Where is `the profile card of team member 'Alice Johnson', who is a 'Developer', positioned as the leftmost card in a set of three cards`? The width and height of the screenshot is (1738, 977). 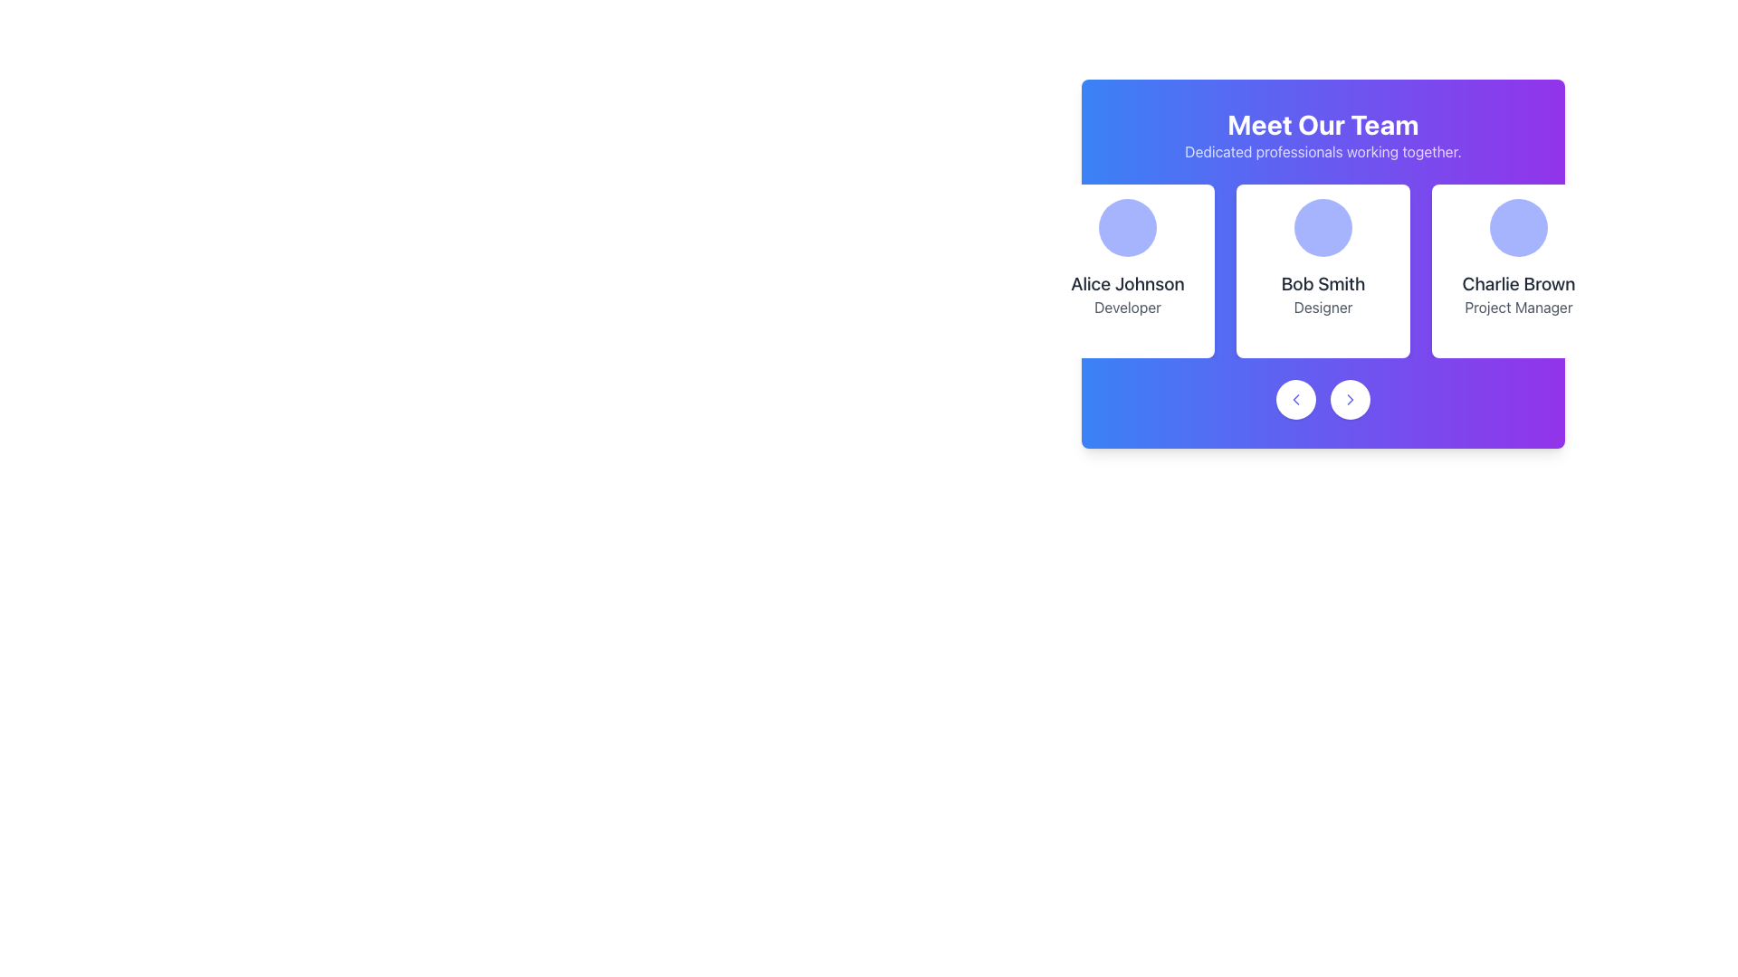 the profile card of team member 'Alice Johnson', who is a 'Developer', positioned as the leftmost card in a set of three cards is located at coordinates (1127, 271).